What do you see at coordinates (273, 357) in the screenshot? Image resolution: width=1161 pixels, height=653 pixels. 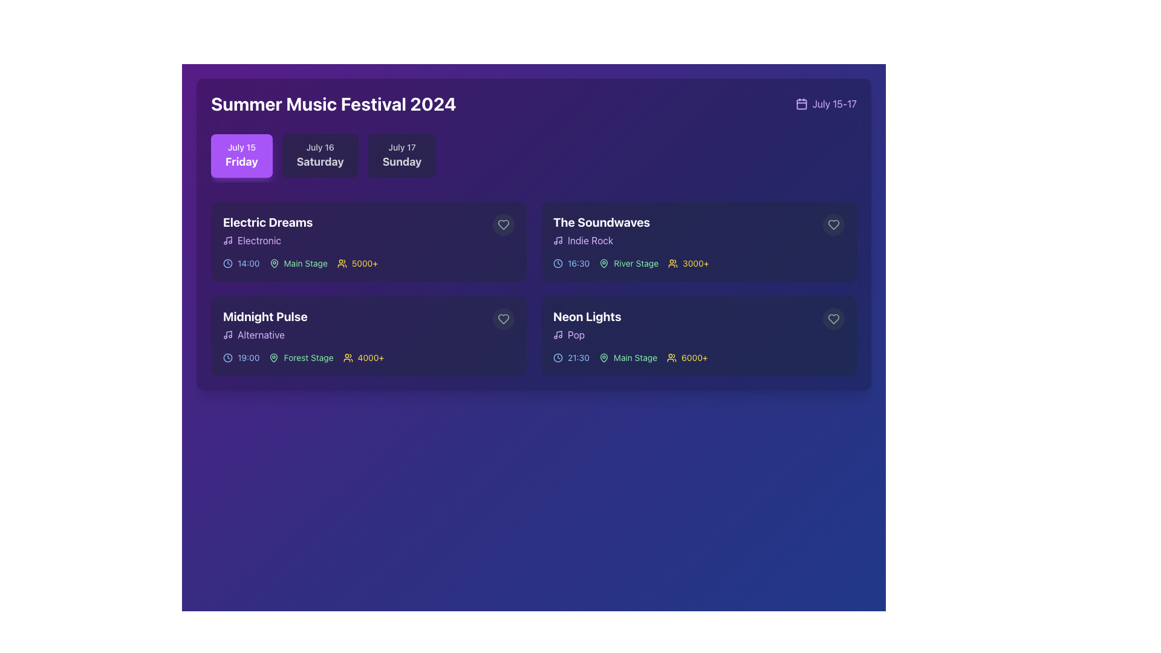 I see `the icon representing the 'Forest Stage' location label, located within the details section of the 'Midnight Pulse' event card, aligned to the left of the 'Forest Stage' label` at bounding box center [273, 357].